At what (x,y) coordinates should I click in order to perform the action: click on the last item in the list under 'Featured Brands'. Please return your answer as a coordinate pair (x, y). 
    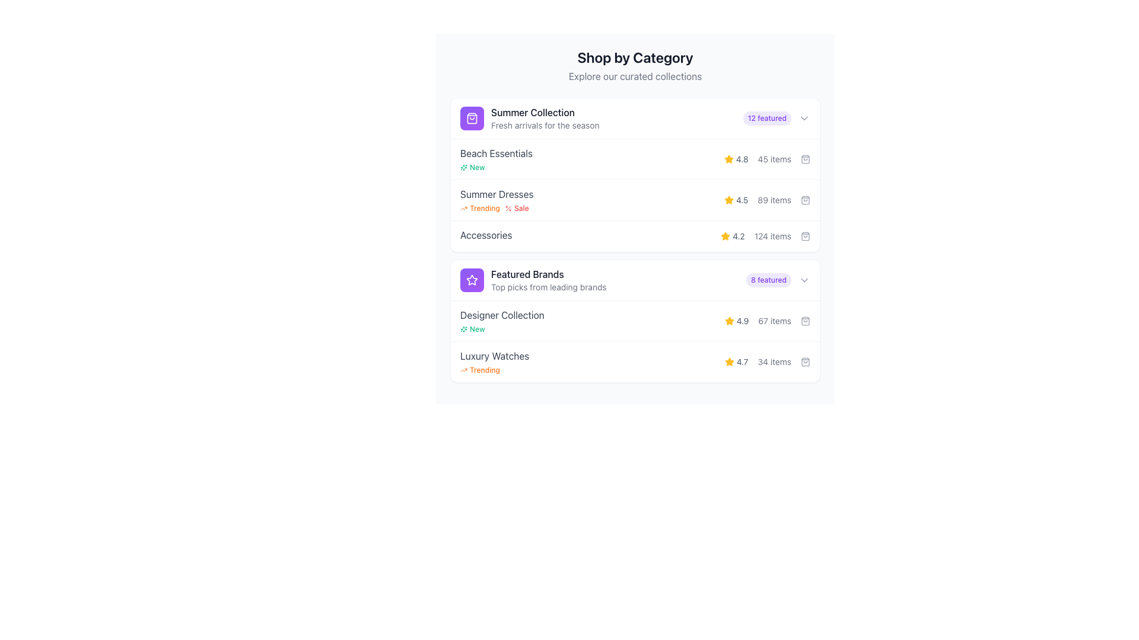
    Looking at the image, I should click on (634, 361).